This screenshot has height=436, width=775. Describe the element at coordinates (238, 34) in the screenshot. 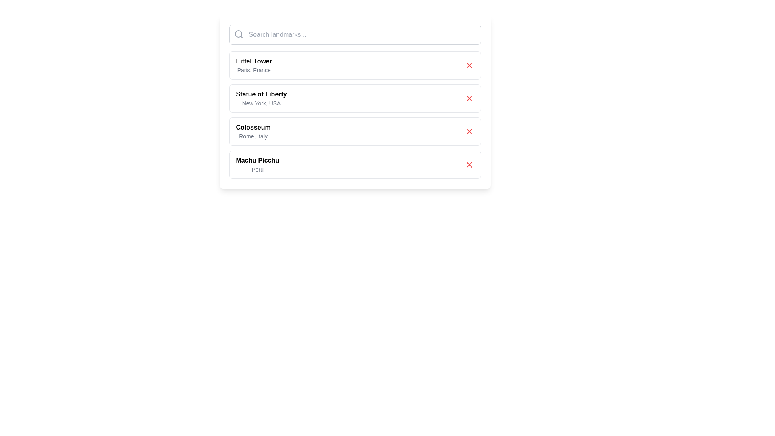

I see `the Decorative Icon resembling a magnifying glass, which is positioned next to the text input field with the placeholder 'Search landmarks...'` at that location.